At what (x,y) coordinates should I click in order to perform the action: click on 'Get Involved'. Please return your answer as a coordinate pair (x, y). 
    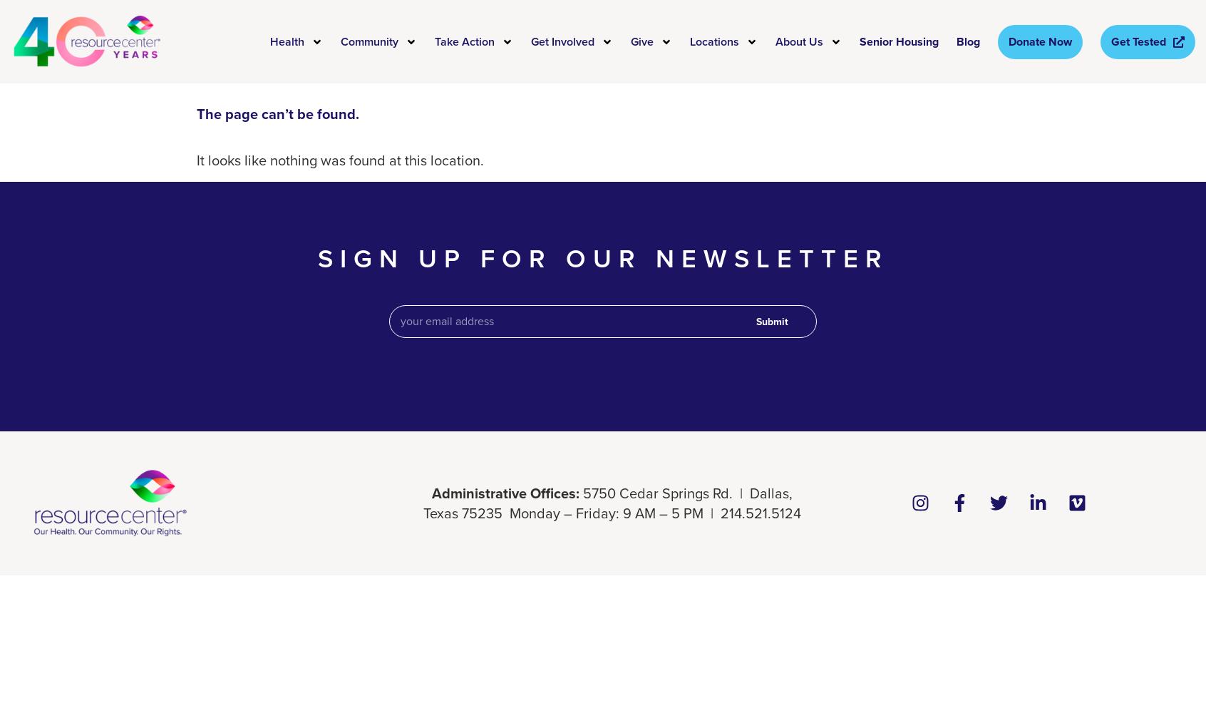
    Looking at the image, I should click on (562, 41).